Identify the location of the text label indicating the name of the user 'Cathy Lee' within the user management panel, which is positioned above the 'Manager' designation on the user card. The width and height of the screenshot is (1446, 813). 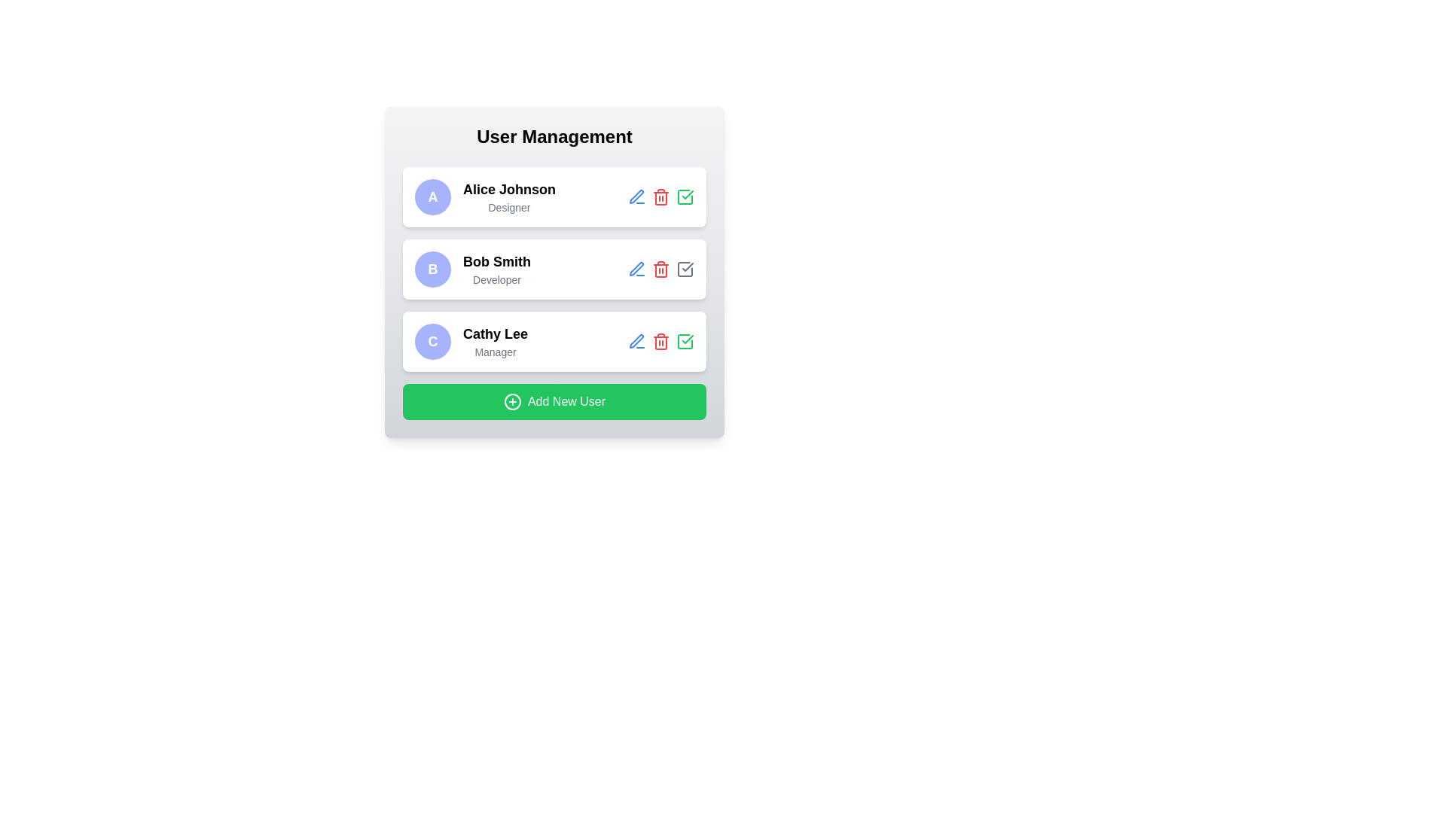
(495, 333).